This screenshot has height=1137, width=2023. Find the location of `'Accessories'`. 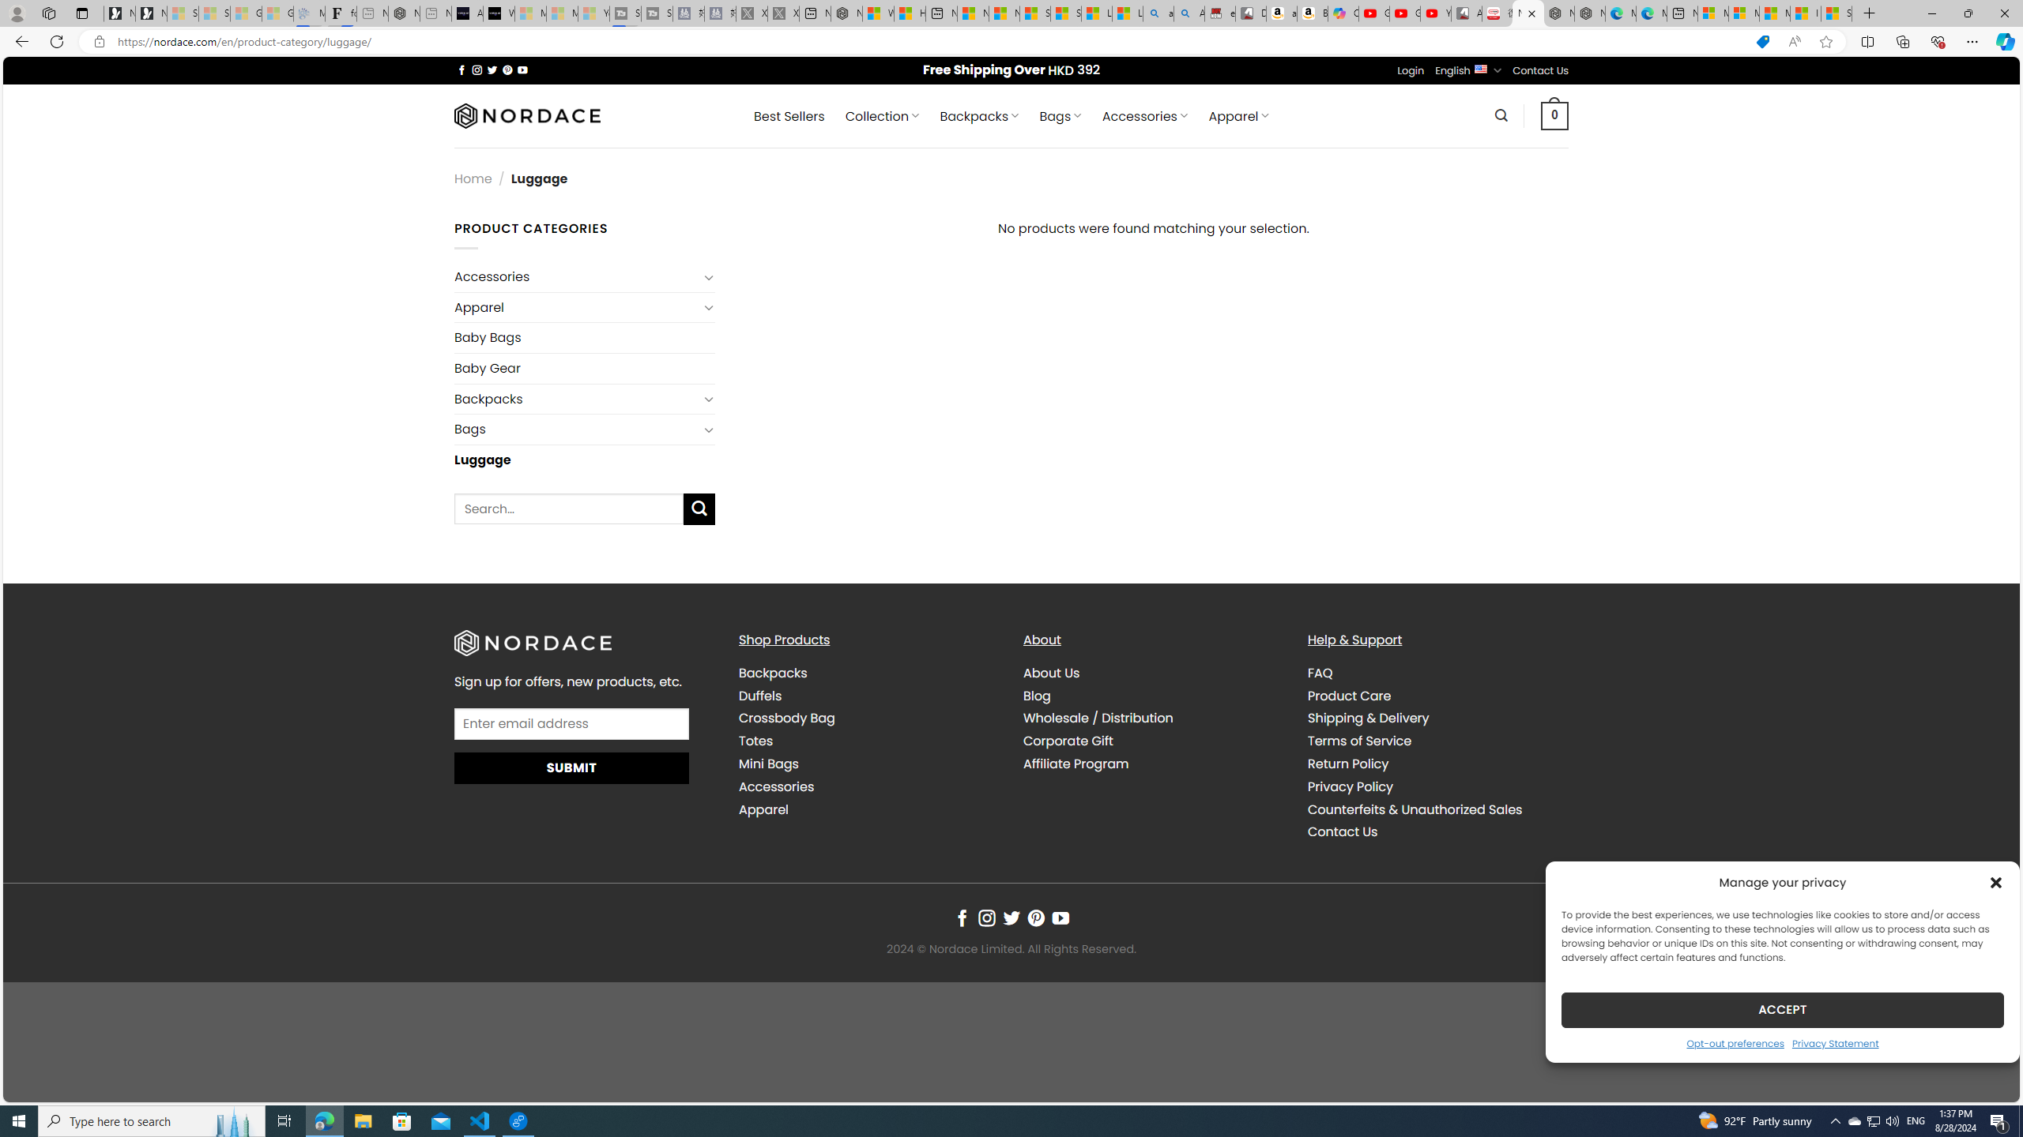

'Accessories' is located at coordinates (776, 786).